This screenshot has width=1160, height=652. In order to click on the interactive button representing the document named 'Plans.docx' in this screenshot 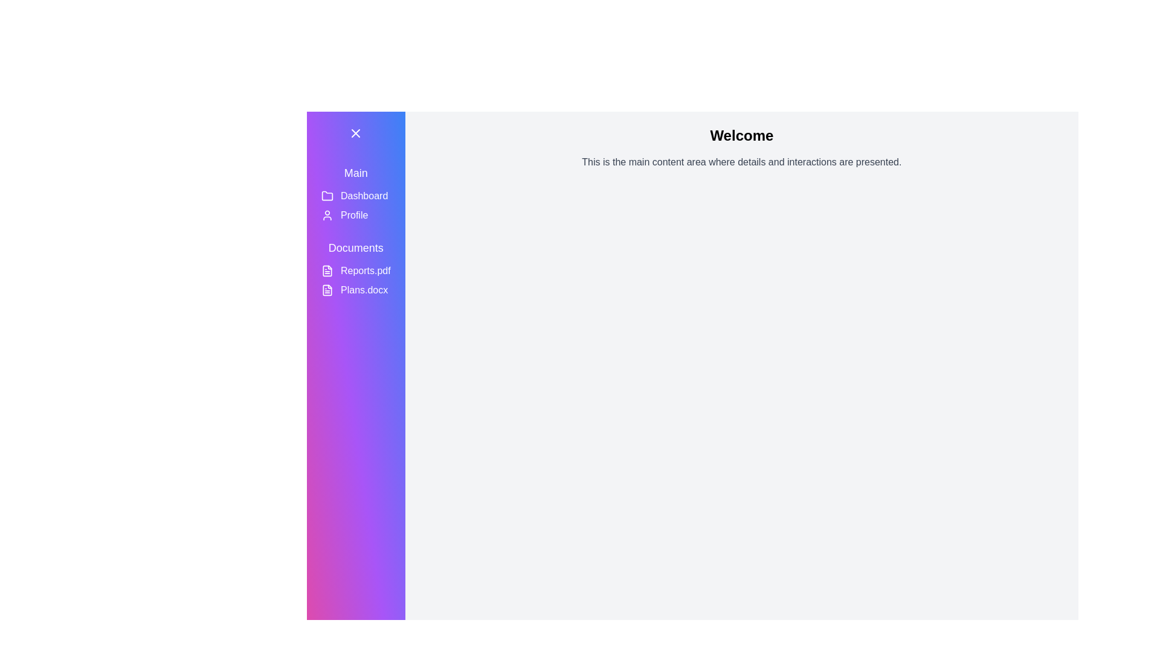, I will do `click(355, 290)`.